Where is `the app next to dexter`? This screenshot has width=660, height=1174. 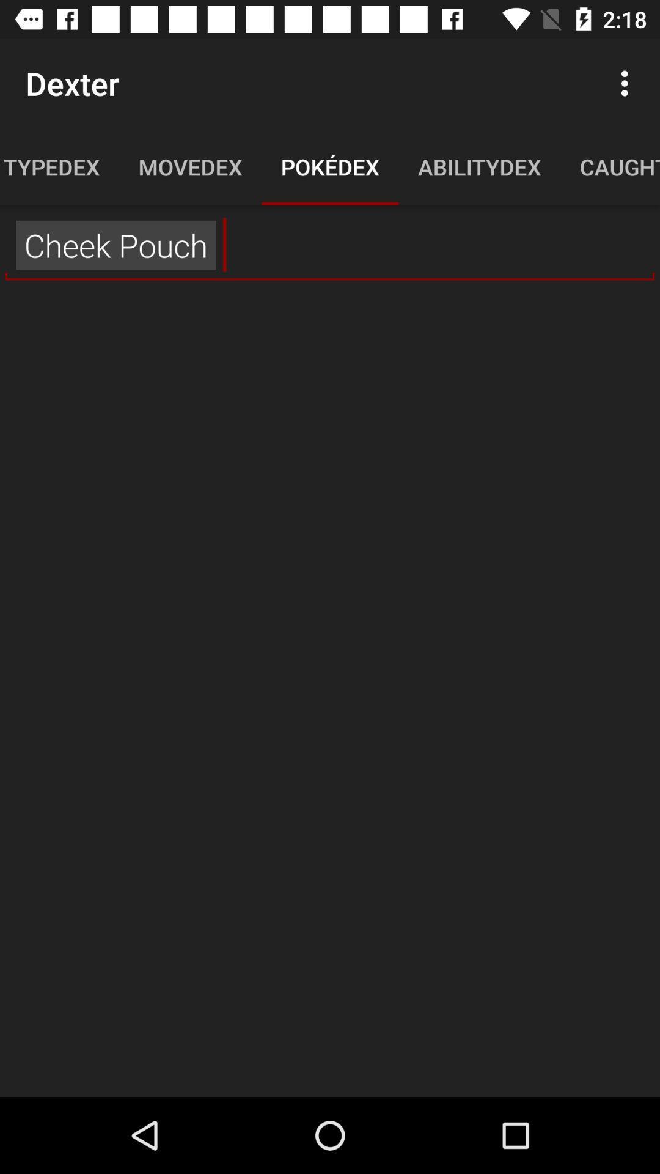
the app next to dexter is located at coordinates (628, 83).